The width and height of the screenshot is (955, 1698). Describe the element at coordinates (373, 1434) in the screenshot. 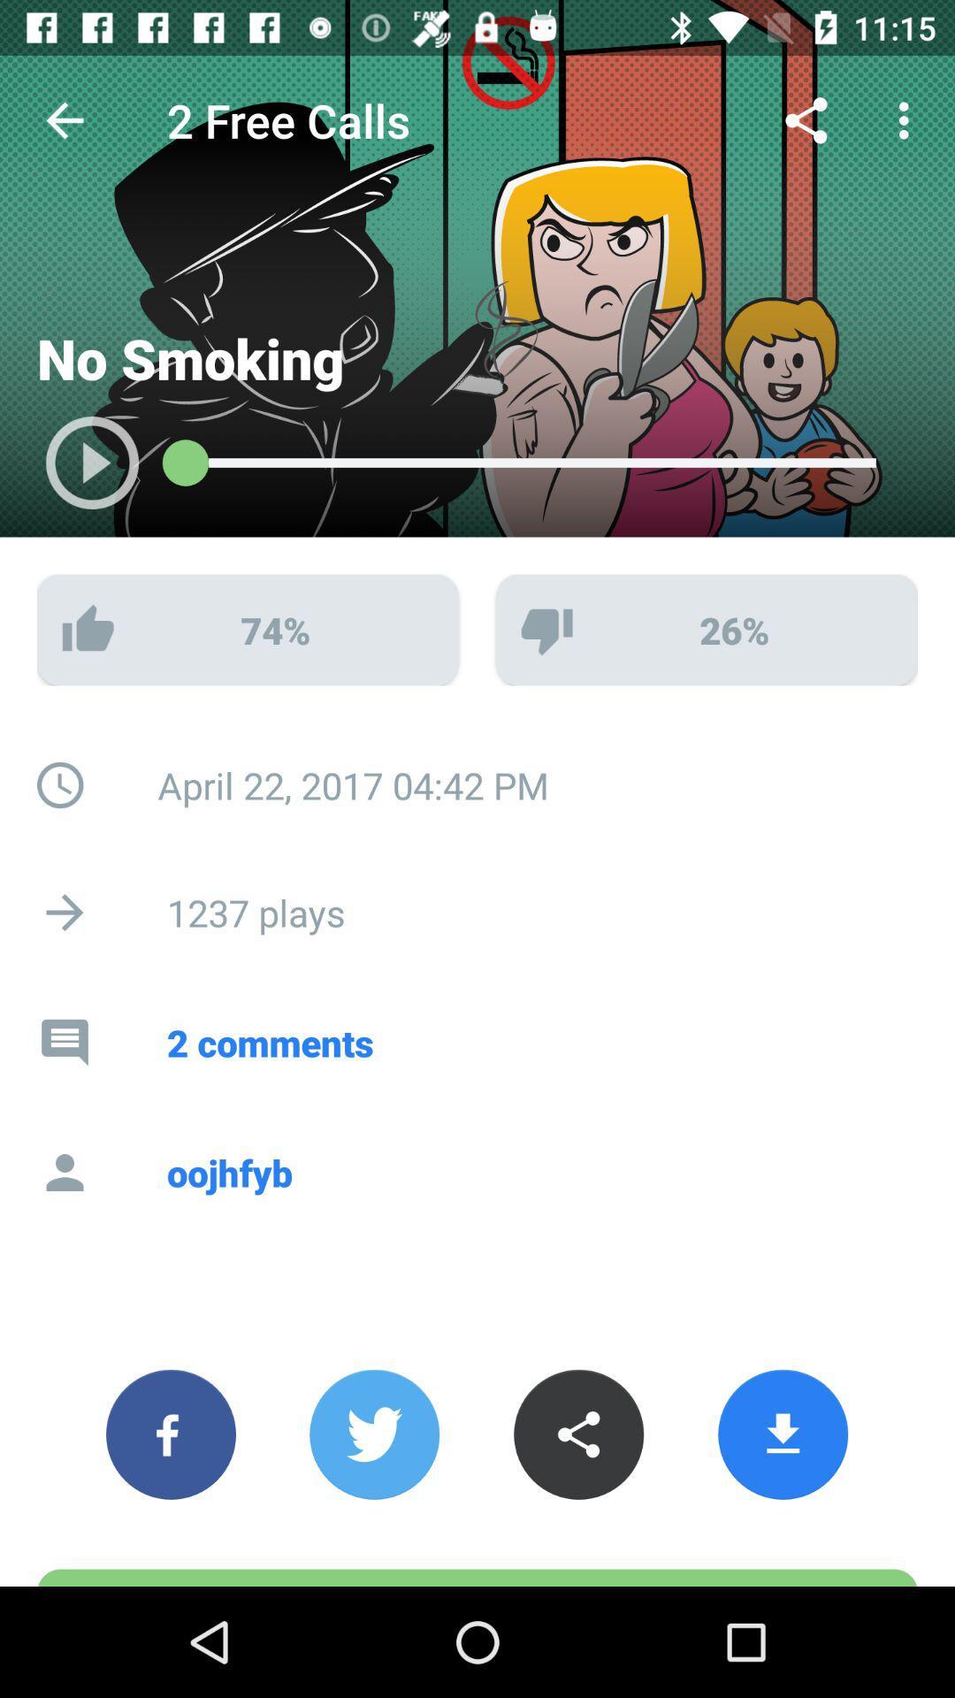

I see `the twitter icon` at that location.